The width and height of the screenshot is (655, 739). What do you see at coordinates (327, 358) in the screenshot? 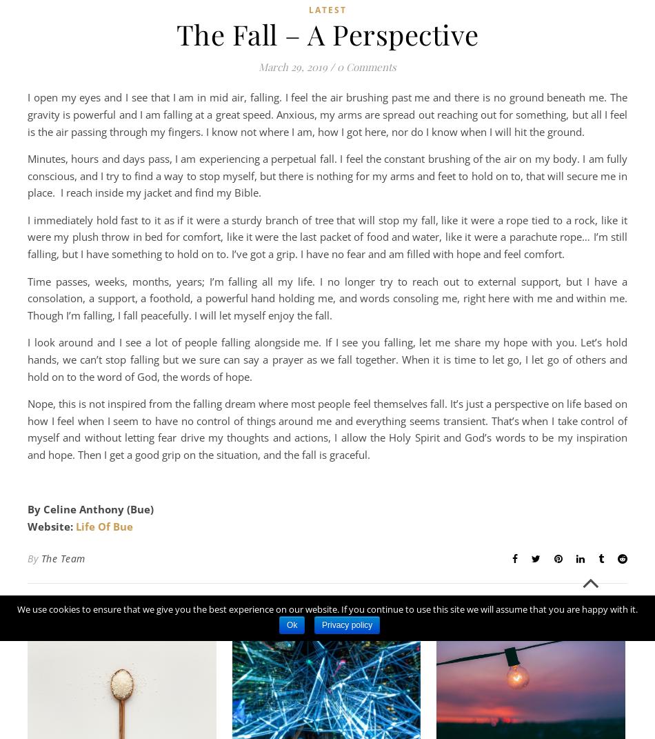
I see `'I look around and I see a lot of people falling alongside me. If I see you falling, let me share my hope with you. Let’s hold hands, we can’t stop falling but we sure can say a prayer as we fall together. When it is time to let go, I let go of others and hold on to the word of God, the words of hope.'` at bounding box center [327, 358].